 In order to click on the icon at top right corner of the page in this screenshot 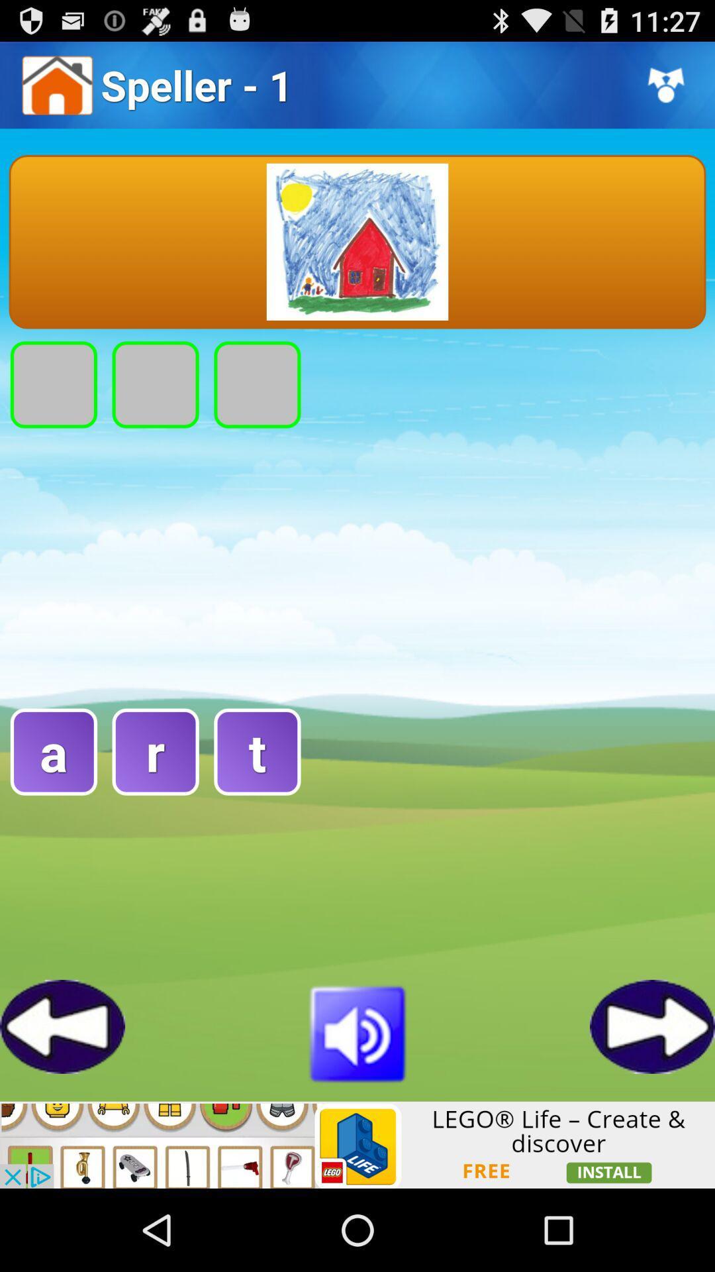, I will do `click(666, 84)`.